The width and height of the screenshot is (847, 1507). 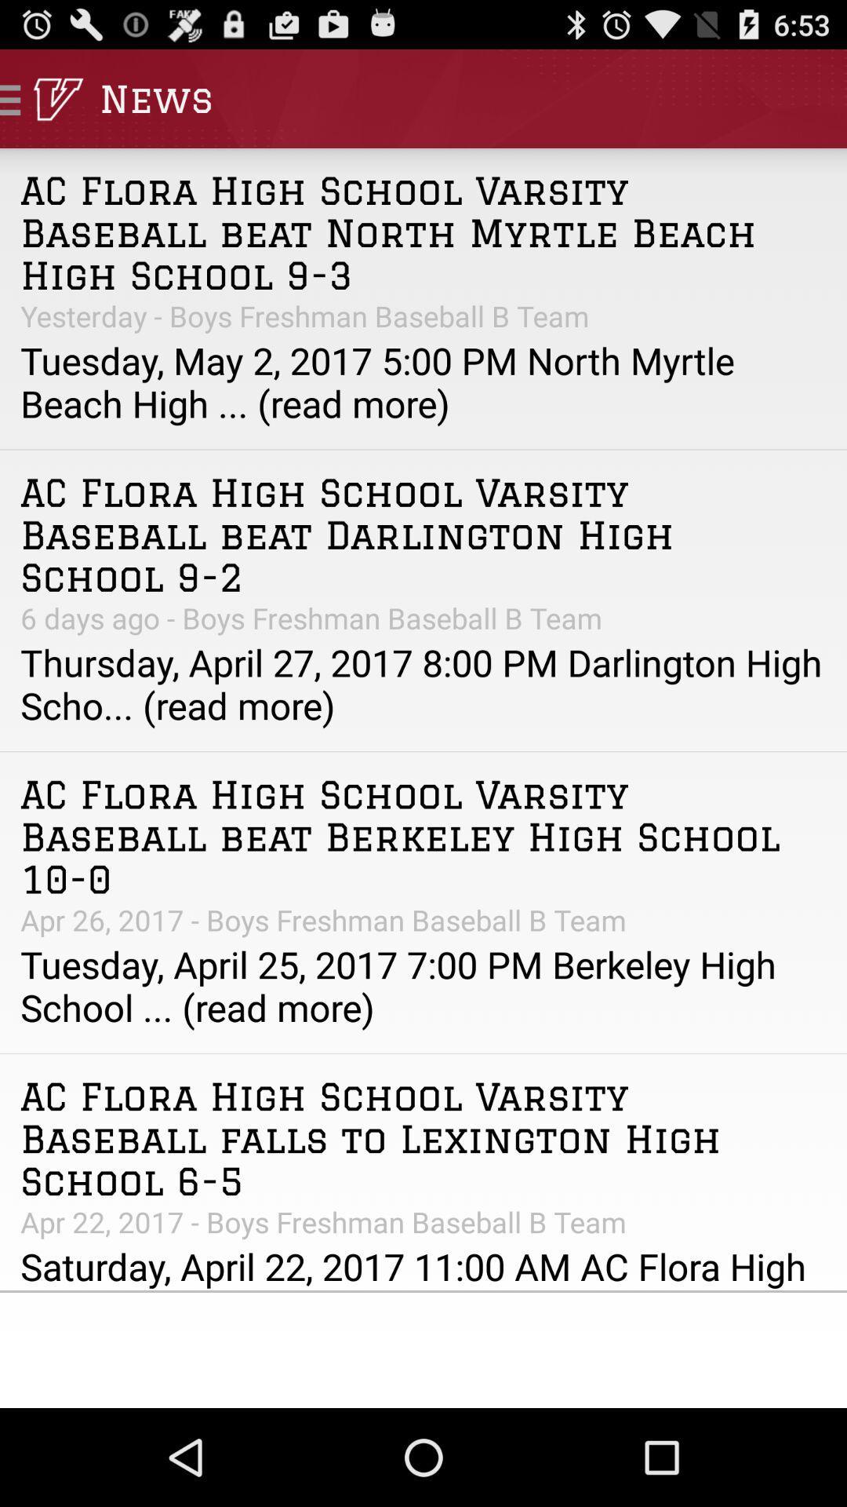 I want to click on item below the ac flora high, so click(x=423, y=617).